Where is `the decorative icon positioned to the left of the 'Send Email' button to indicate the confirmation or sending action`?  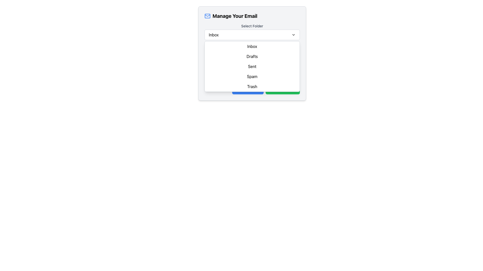
the decorative icon positioned to the left of the 'Send Email' button to indicate the confirmation or sending action is located at coordinates (271, 89).